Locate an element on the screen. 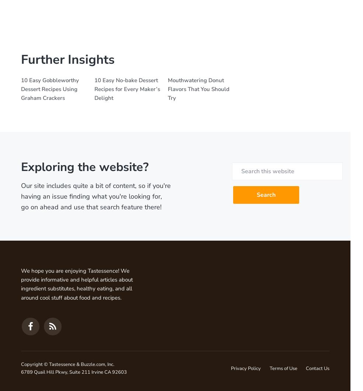 This screenshot has height=391, width=363. 'Exploring the website?' is located at coordinates (84, 167).